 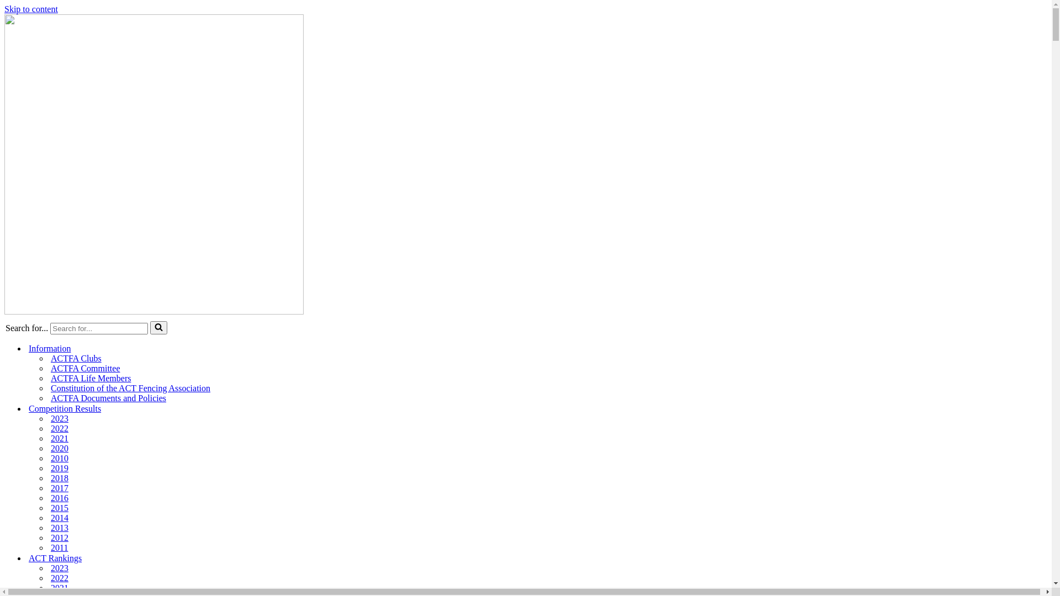 What do you see at coordinates (130, 388) in the screenshot?
I see `'Constitution of the ACT Fencing Association'` at bounding box center [130, 388].